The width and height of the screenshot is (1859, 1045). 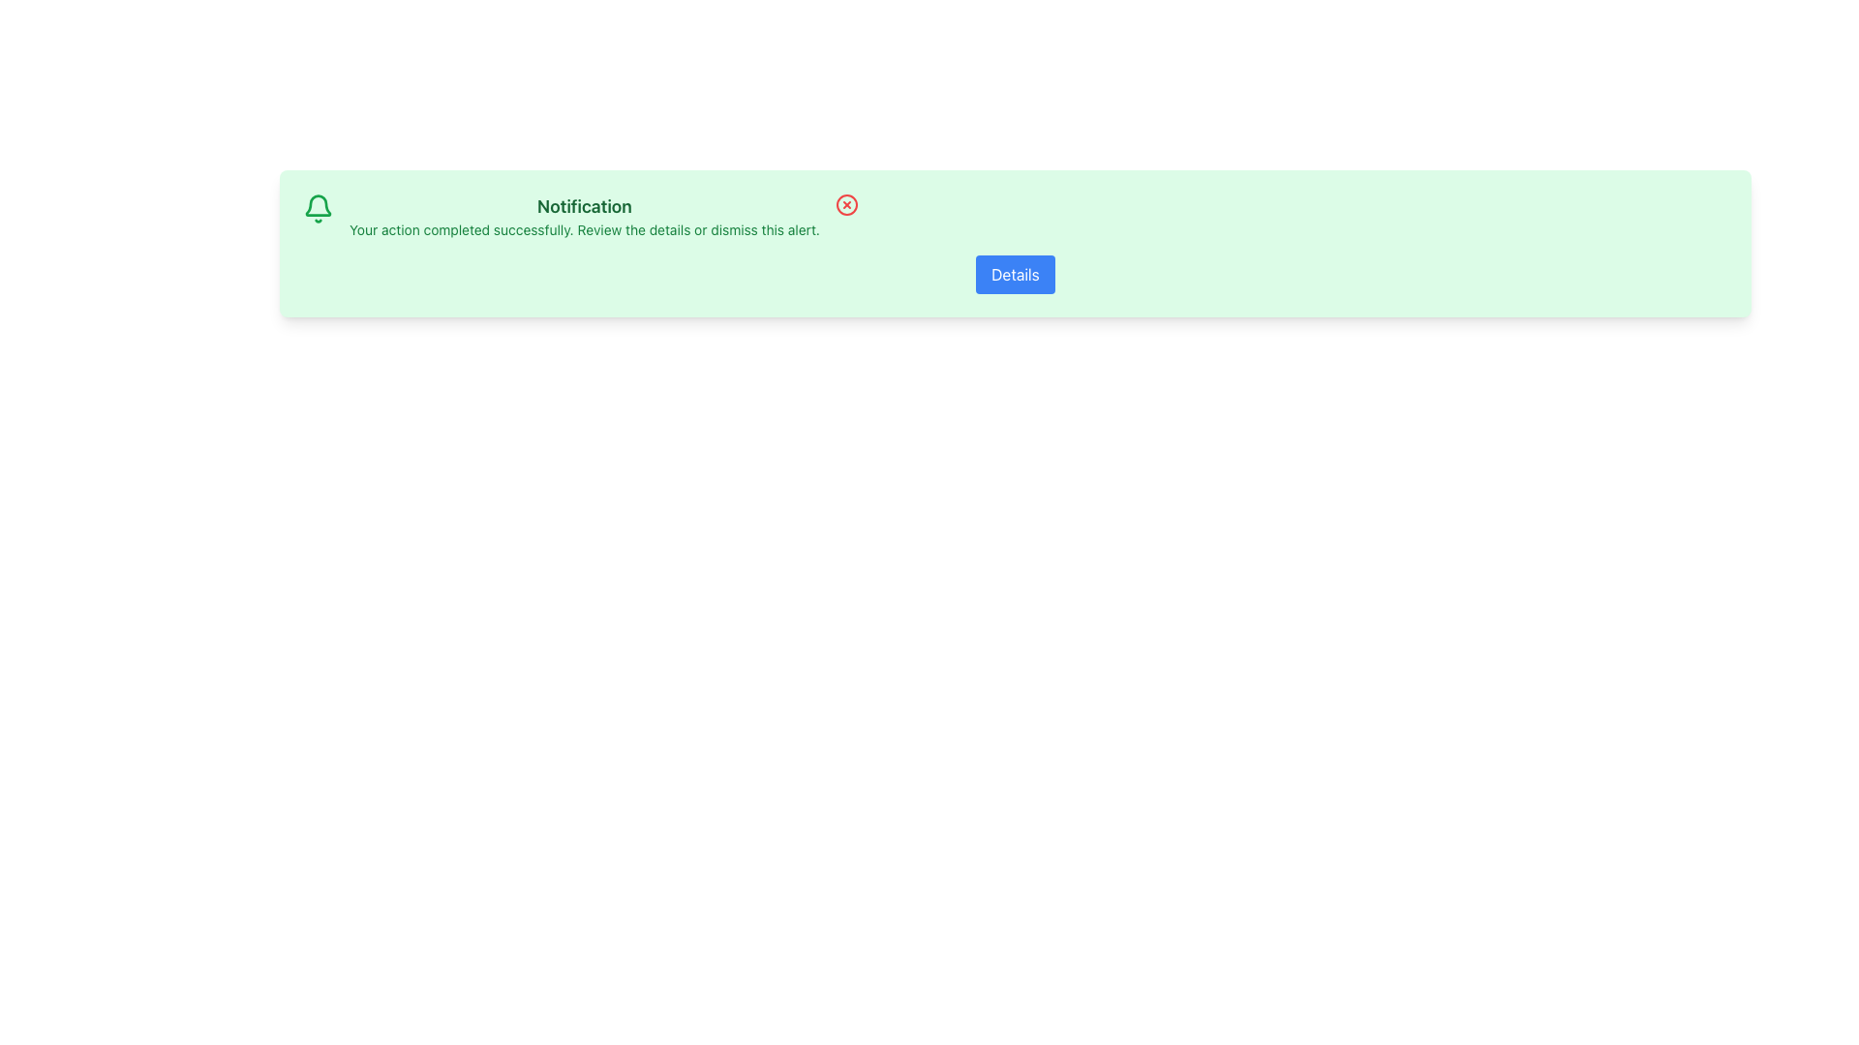 I want to click on the circular red dismiss button with an 'X' inside, so click(x=846, y=205).